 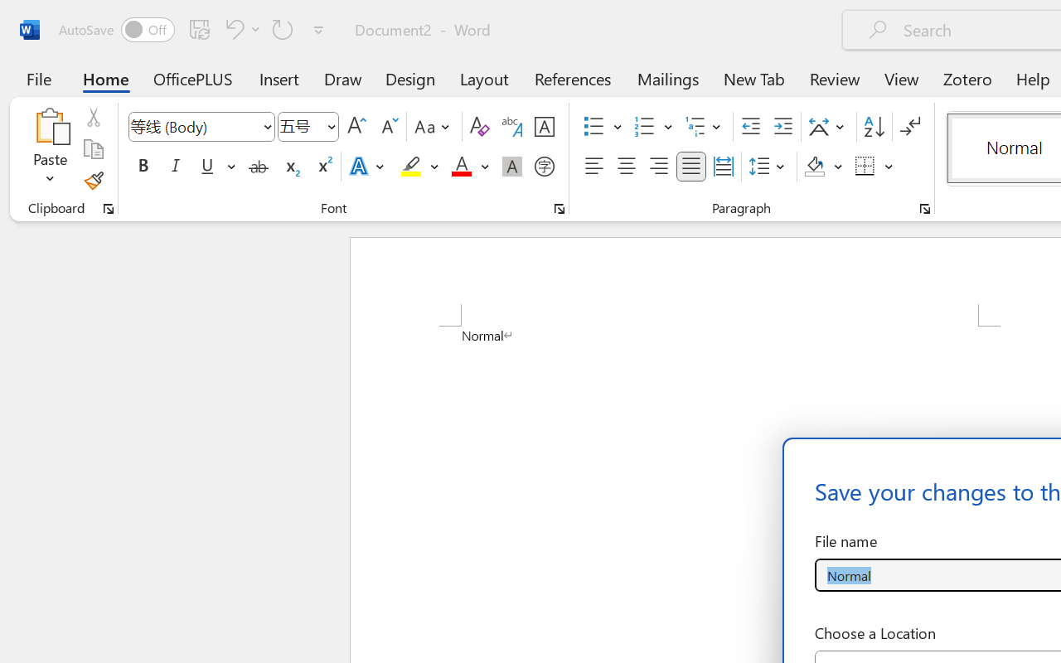 What do you see at coordinates (753, 78) in the screenshot?
I see `'New Tab'` at bounding box center [753, 78].